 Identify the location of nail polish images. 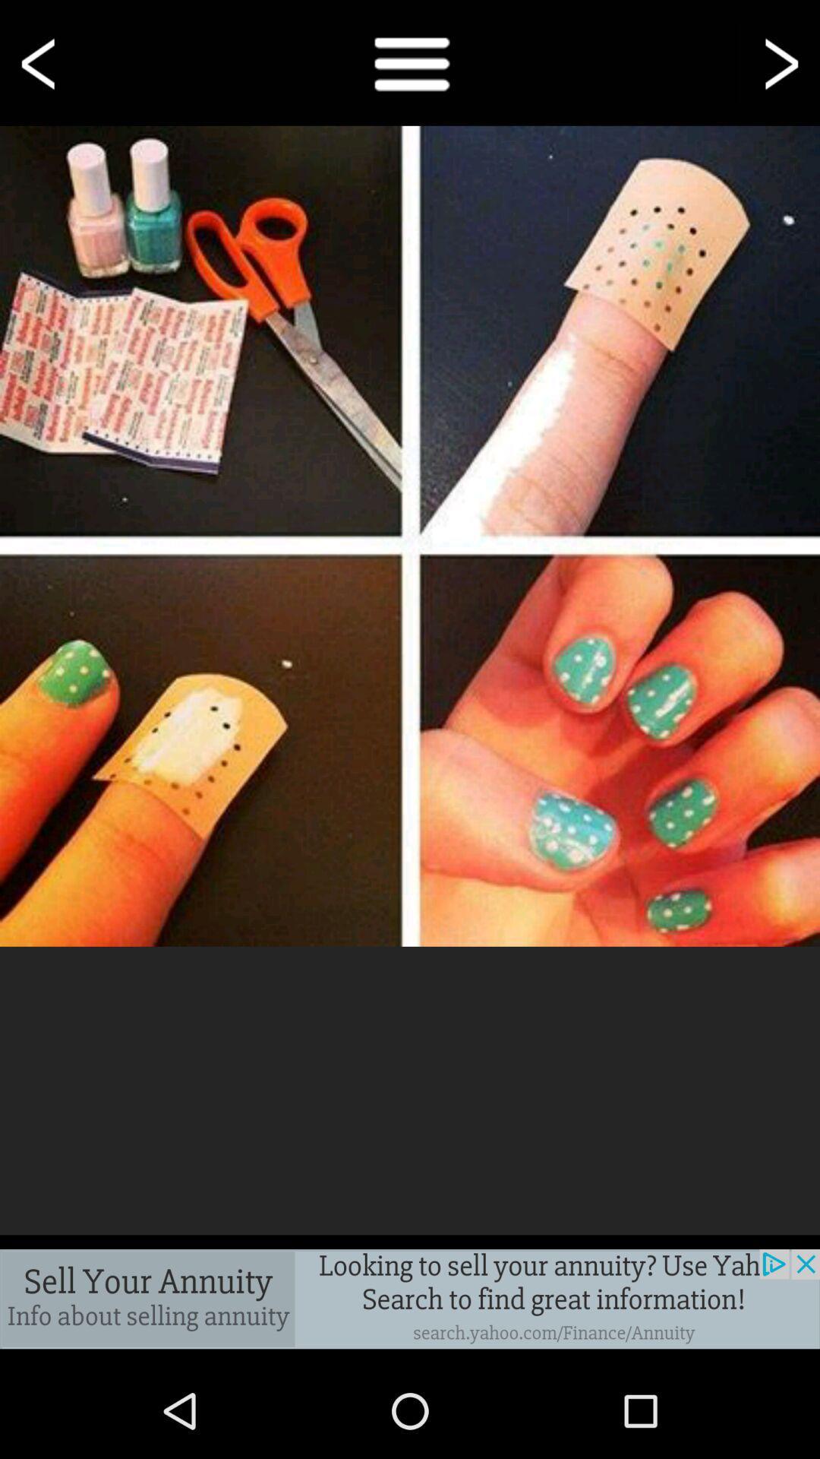
(410, 536).